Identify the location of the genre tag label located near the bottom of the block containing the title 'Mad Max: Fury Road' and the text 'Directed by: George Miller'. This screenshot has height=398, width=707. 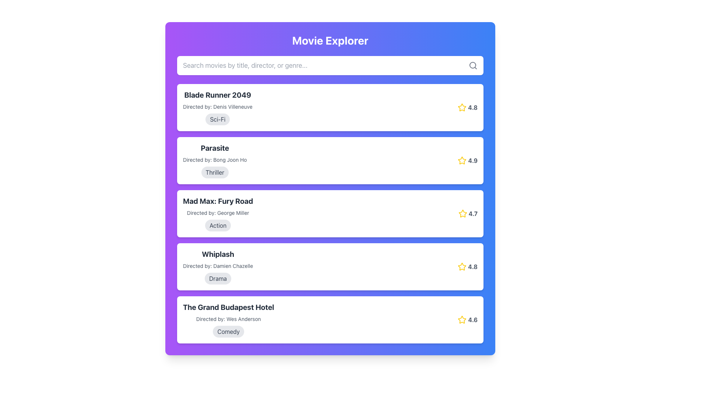
(218, 225).